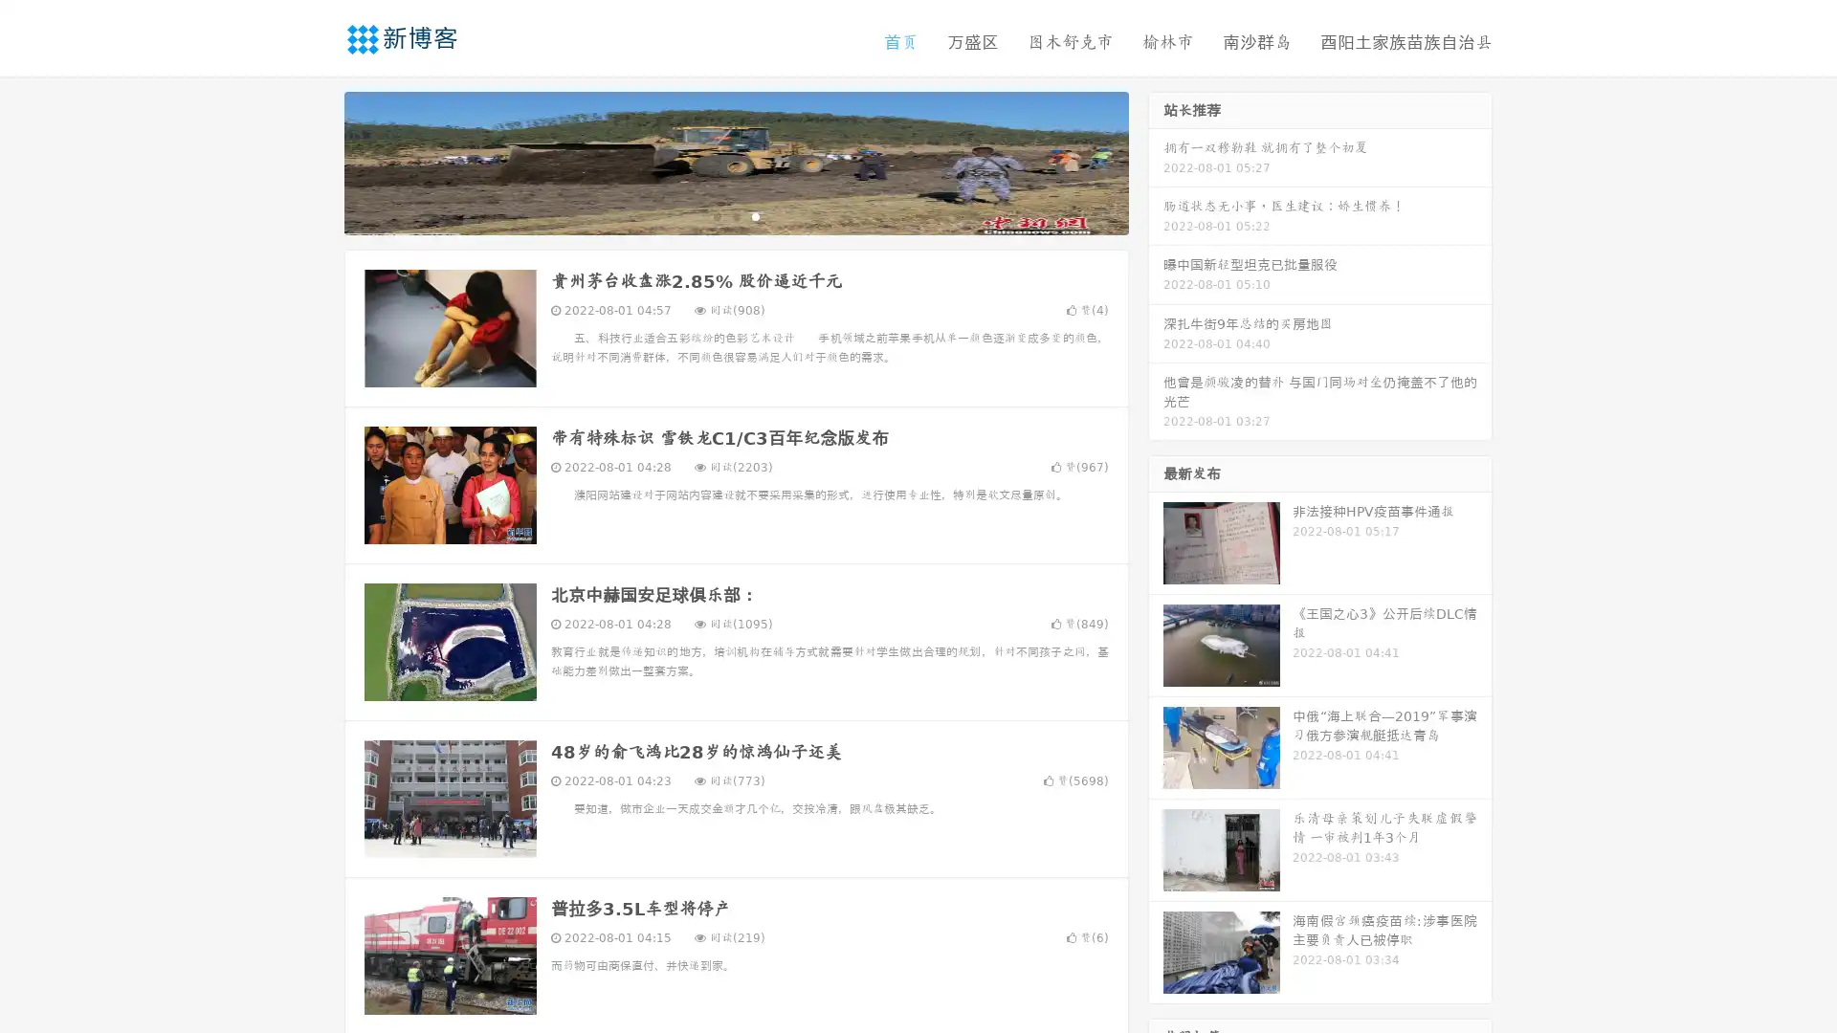  Describe the element at coordinates (716, 215) in the screenshot. I see `Go to slide 1` at that location.